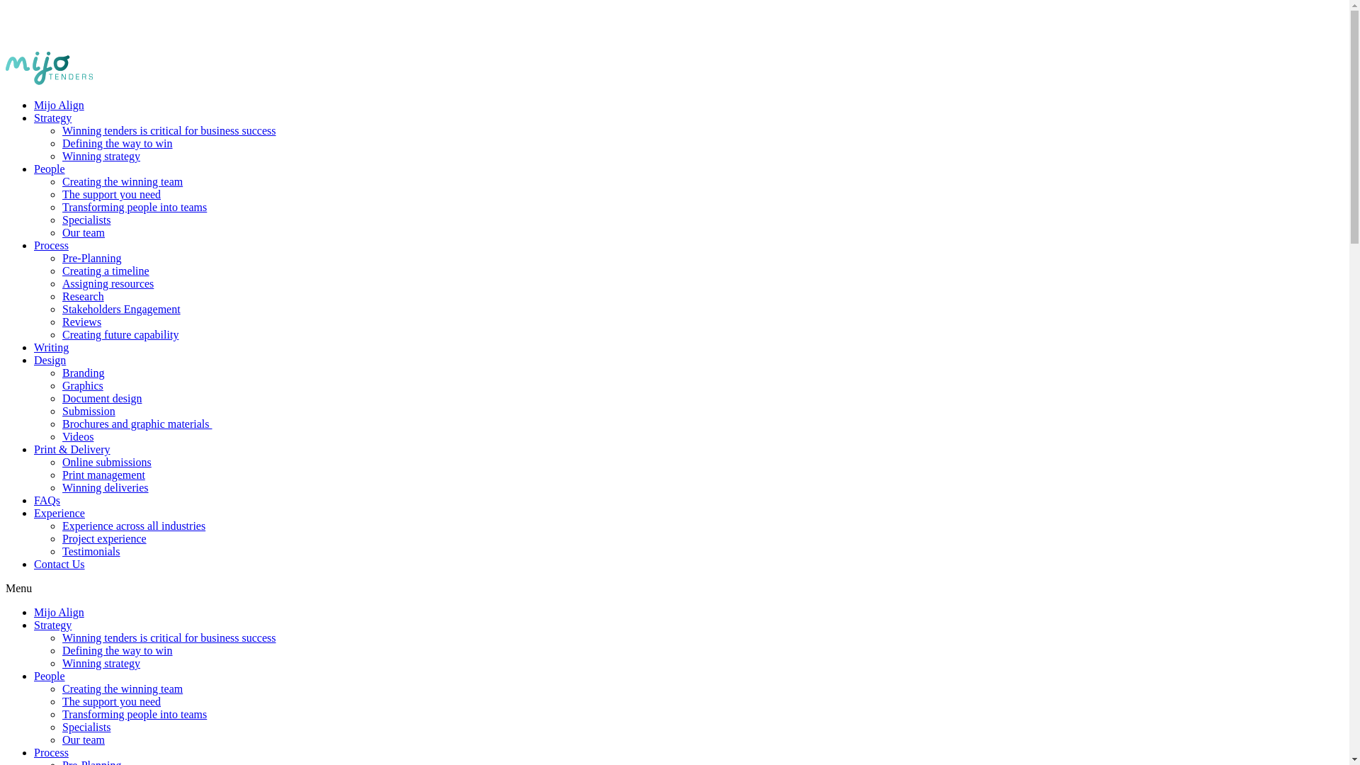  I want to click on 'Our team', so click(83, 739).